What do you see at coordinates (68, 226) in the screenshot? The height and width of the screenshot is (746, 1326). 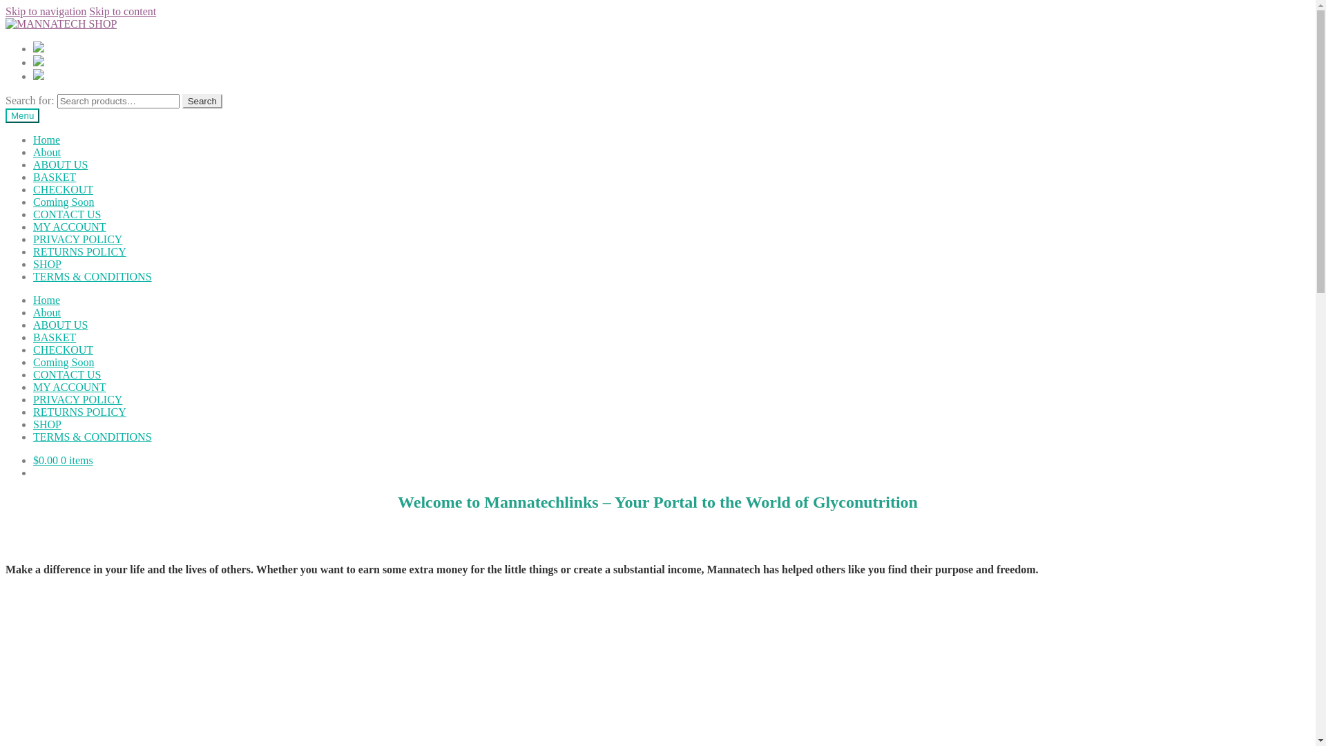 I see `'MY ACCOUNT'` at bounding box center [68, 226].